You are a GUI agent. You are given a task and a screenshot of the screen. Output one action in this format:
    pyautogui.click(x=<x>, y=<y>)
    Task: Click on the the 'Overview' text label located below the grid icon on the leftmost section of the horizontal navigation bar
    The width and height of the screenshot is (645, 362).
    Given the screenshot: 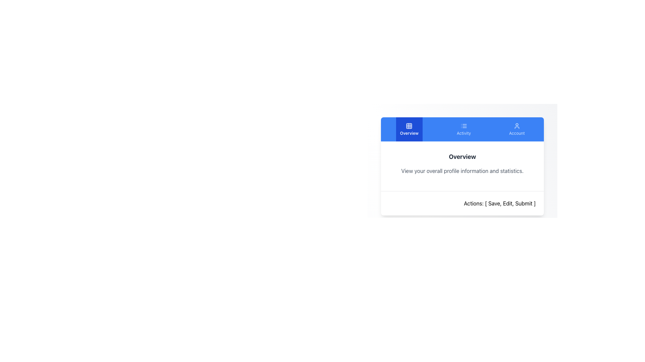 What is the action you would take?
    pyautogui.click(x=409, y=133)
    